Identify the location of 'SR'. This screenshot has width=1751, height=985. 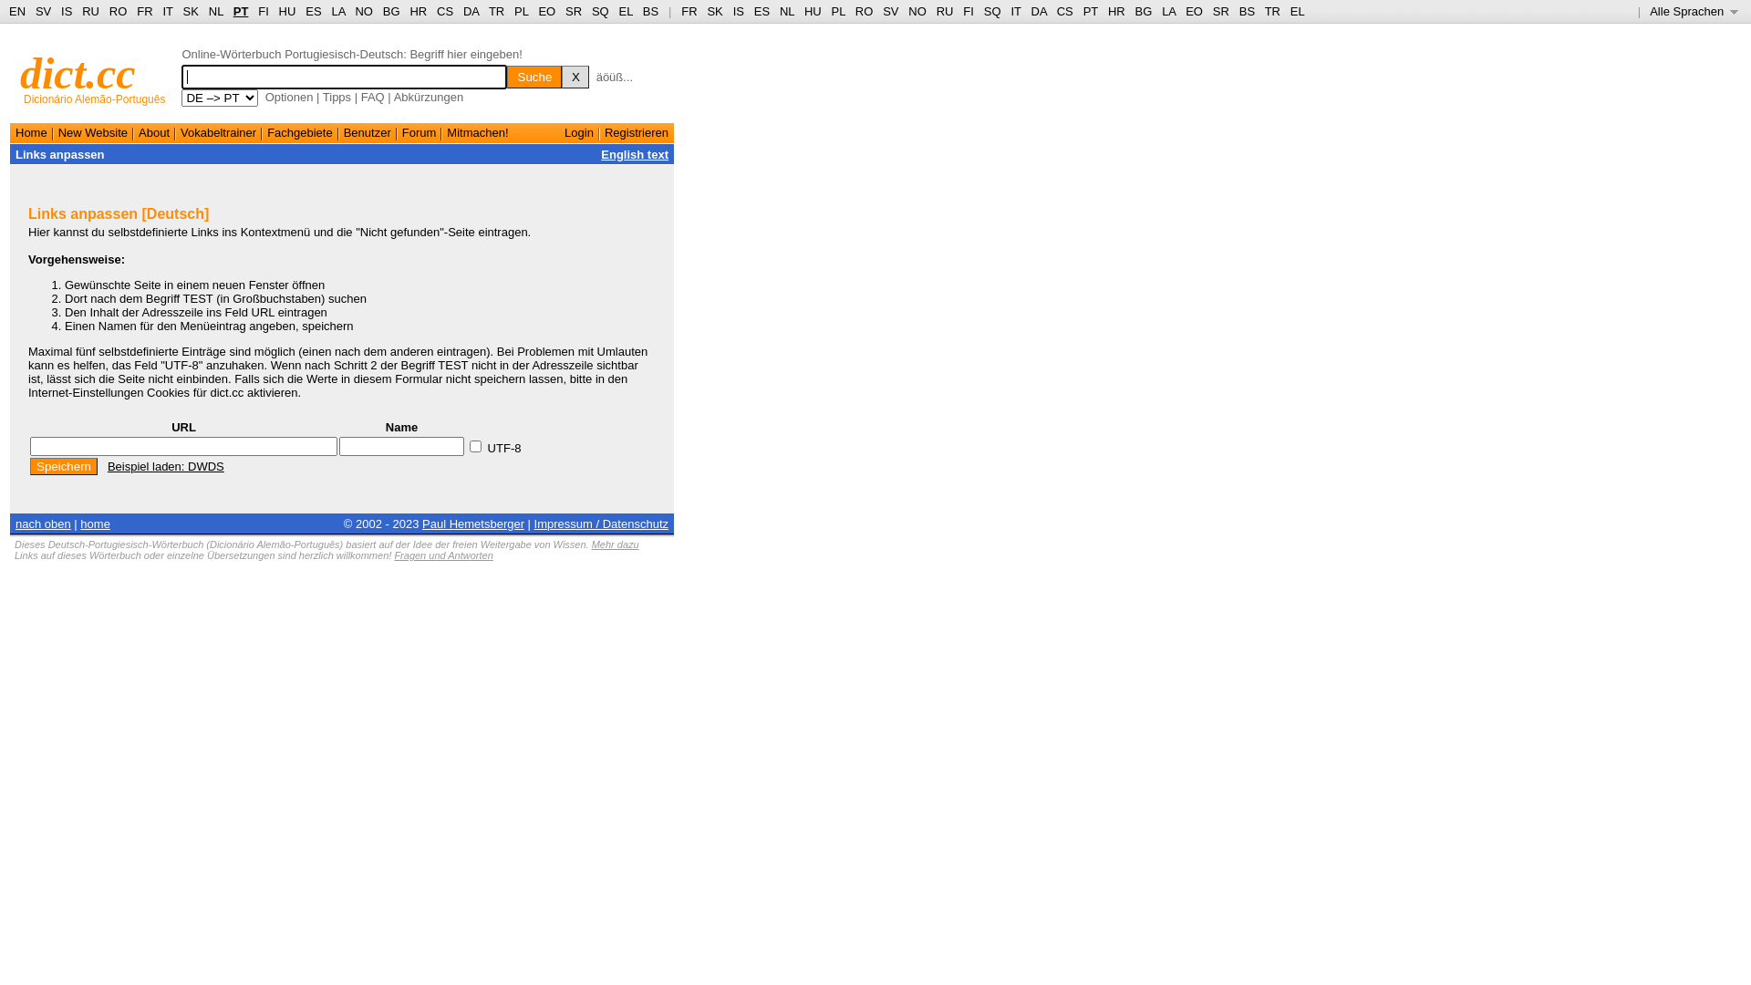
(572, 11).